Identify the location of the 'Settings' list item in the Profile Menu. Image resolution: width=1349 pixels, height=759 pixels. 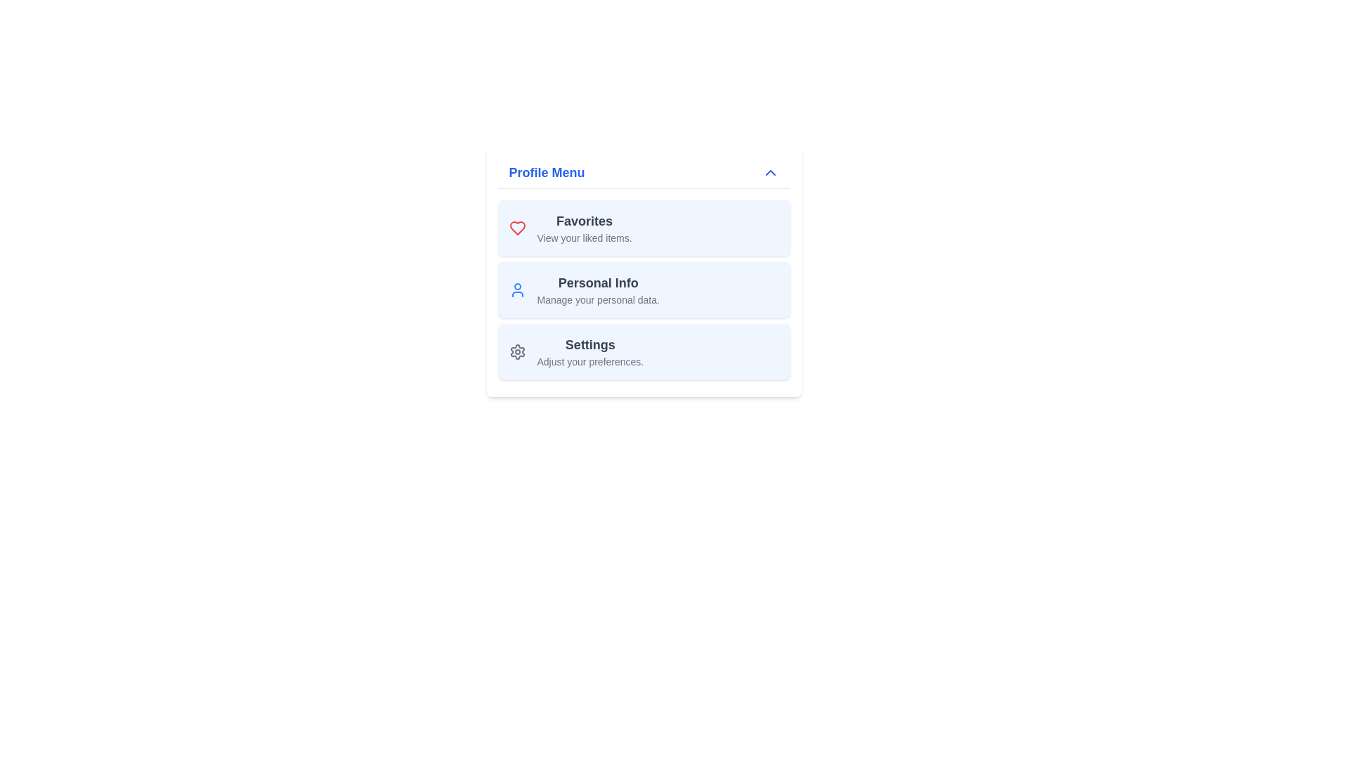
(590, 351).